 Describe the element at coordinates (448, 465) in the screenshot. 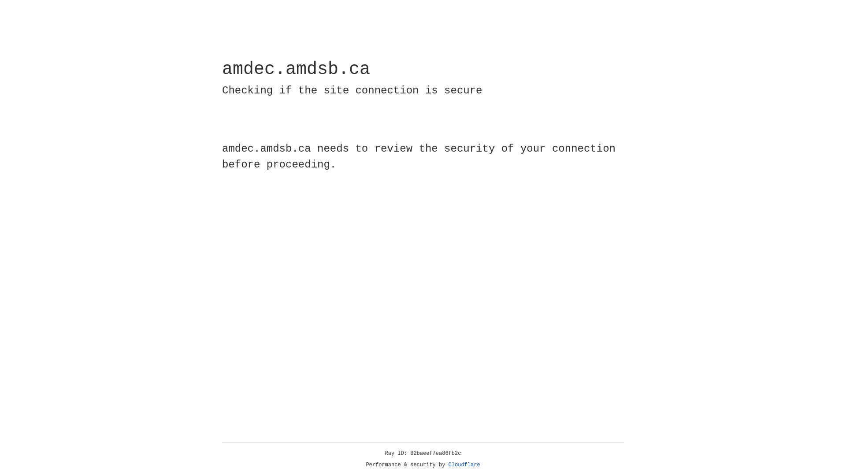

I see `'Cloudflare'` at that location.